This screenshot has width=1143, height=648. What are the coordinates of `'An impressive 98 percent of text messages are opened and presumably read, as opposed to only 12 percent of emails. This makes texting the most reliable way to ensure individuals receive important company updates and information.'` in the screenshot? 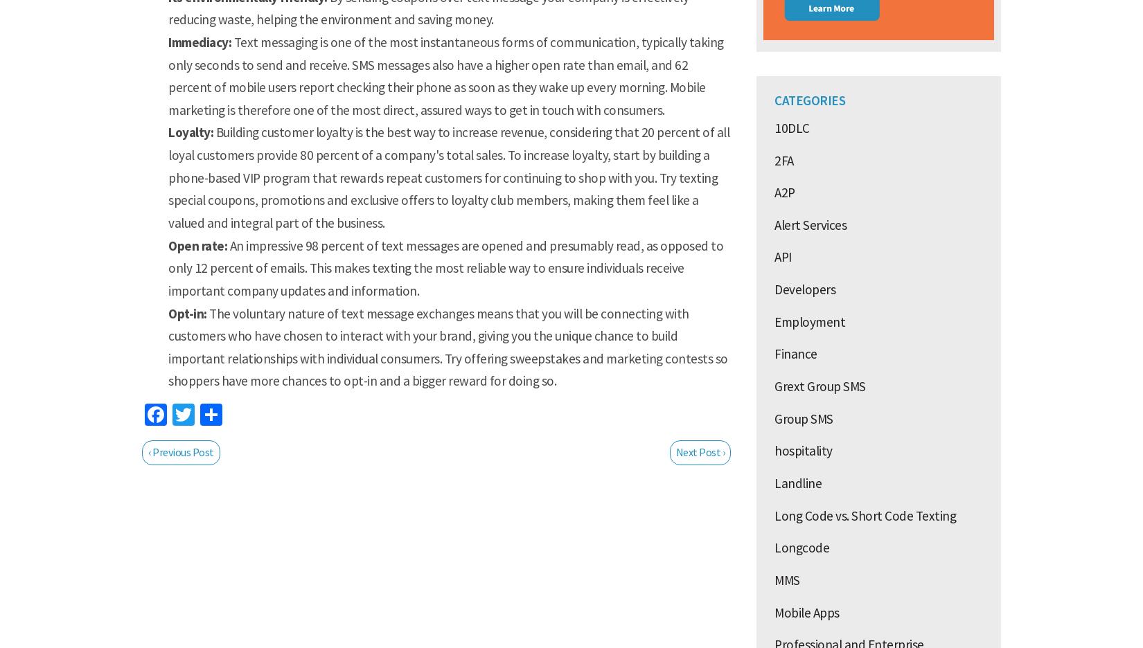 It's located at (168, 267).